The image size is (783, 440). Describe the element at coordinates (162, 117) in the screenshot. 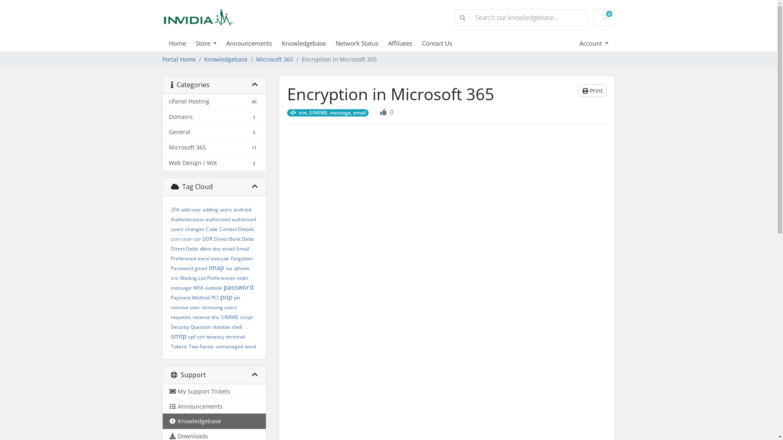

I see `'Domains` at that location.